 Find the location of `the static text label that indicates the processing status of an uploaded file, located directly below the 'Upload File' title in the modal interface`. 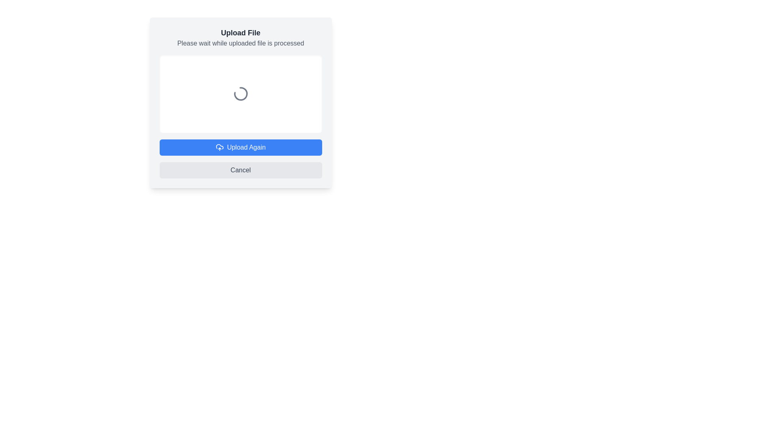

the static text label that indicates the processing status of an uploaded file, located directly below the 'Upload File' title in the modal interface is located at coordinates (240, 43).